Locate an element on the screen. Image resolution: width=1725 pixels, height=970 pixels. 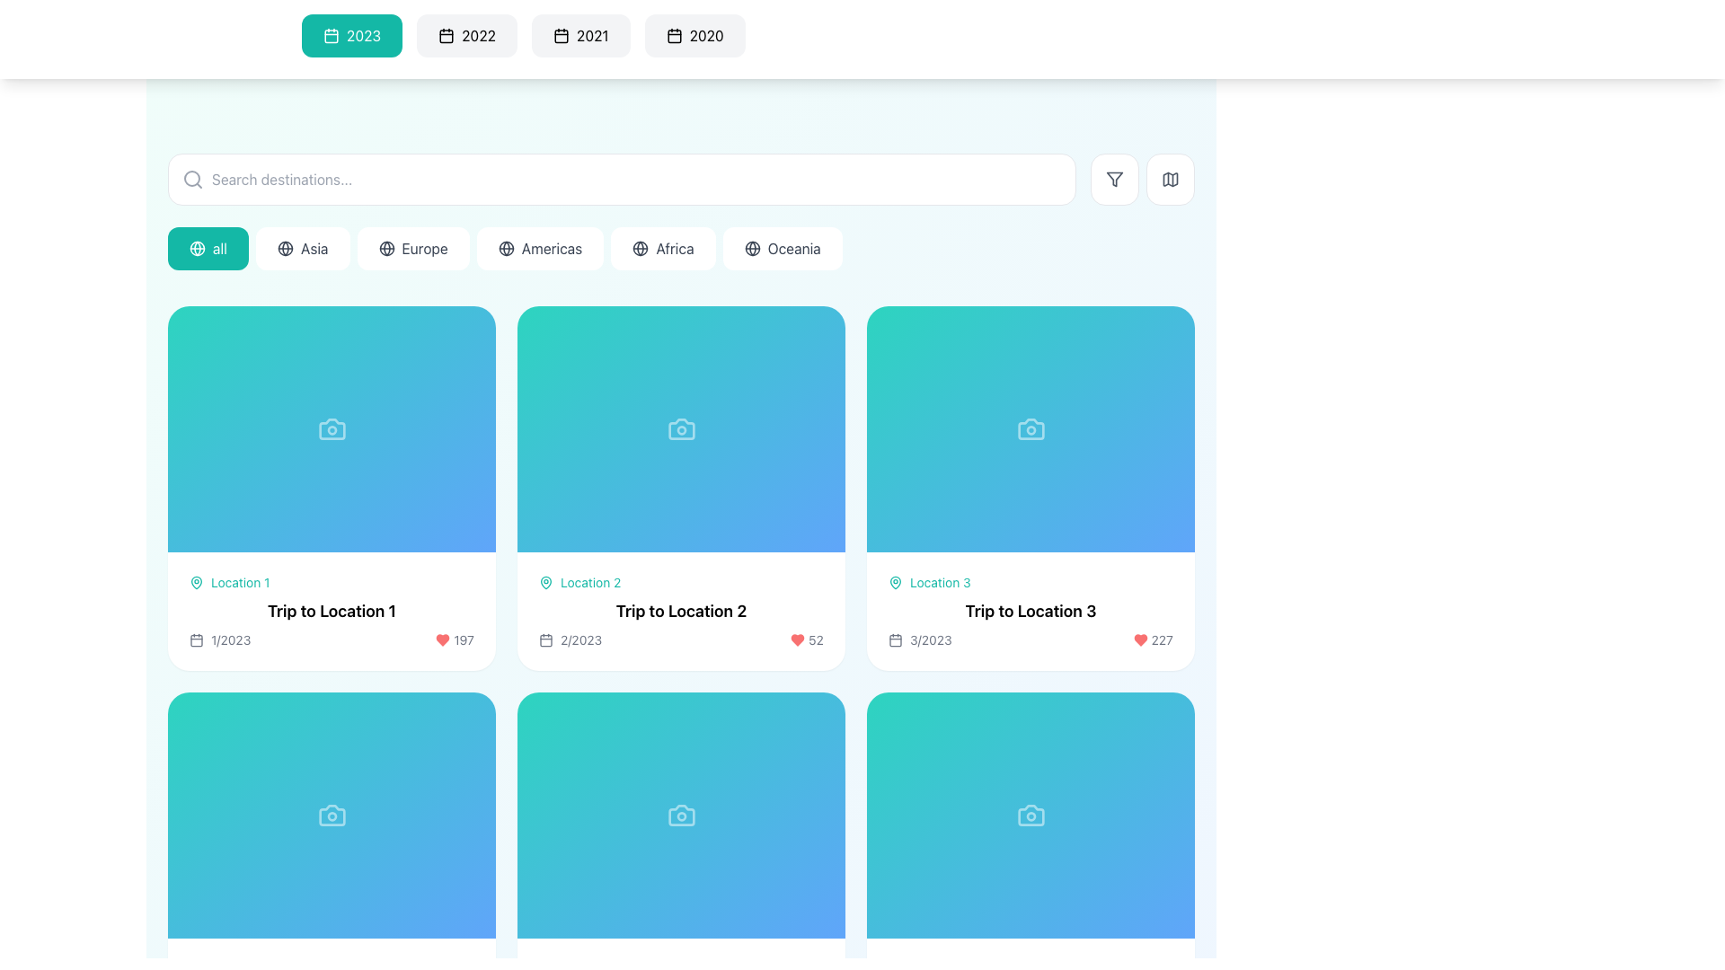
the share button located in the top-right corner of the first card in the grid layout is located at coordinates (465, 336).